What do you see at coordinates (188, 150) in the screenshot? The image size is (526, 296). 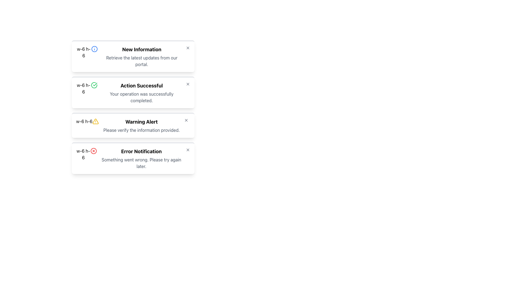 I see `the right-aligned button in the 'Error Notification' panel to change its color` at bounding box center [188, 150].